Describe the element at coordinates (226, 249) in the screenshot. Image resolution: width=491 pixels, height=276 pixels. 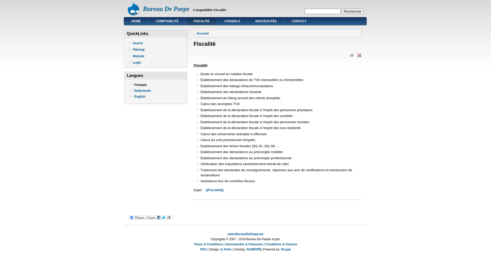
I see `'In Petto'` at that location.